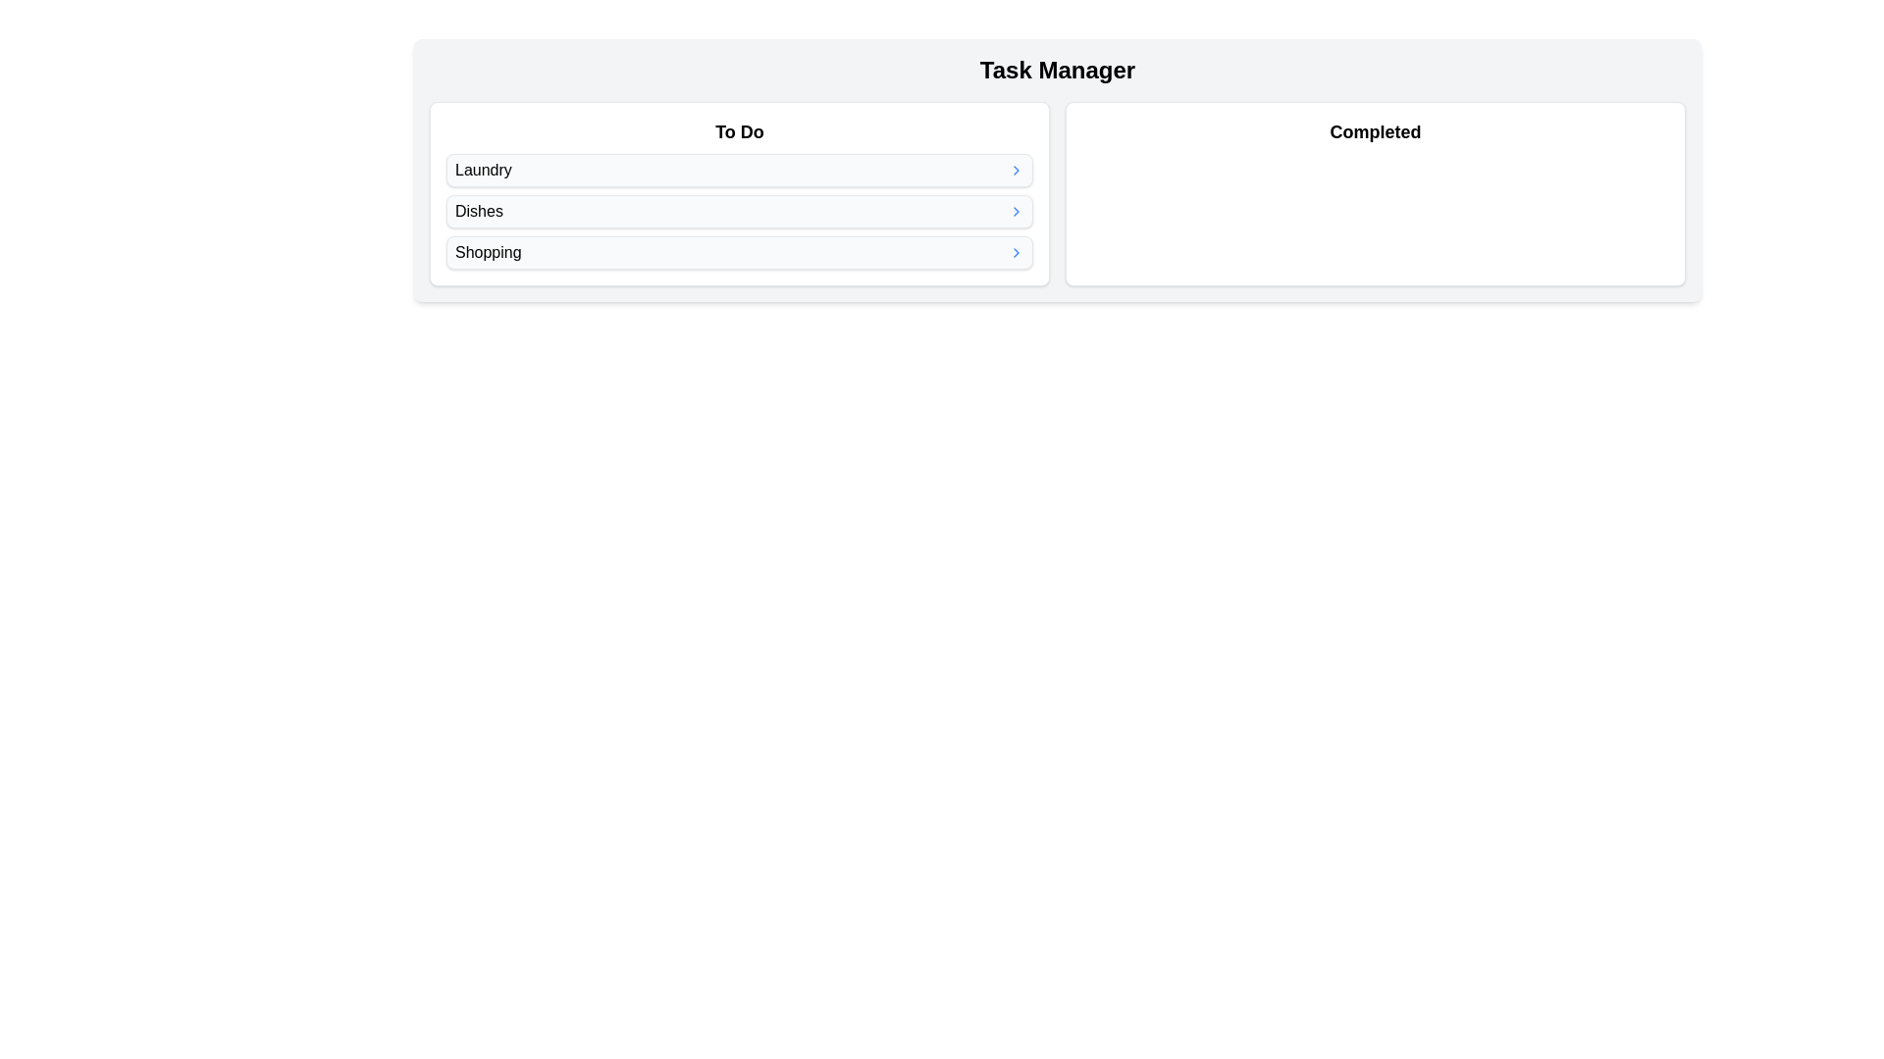 Image resolution: width=1884 pixels, height=1059 pixels. What do you see at coordinates (1017, 252) in the screenshot?
I see `right arrow button next to the task 'Shopping' in the 'To Do' list to move it to 'Completed'` at bounding box center [1017, 252].